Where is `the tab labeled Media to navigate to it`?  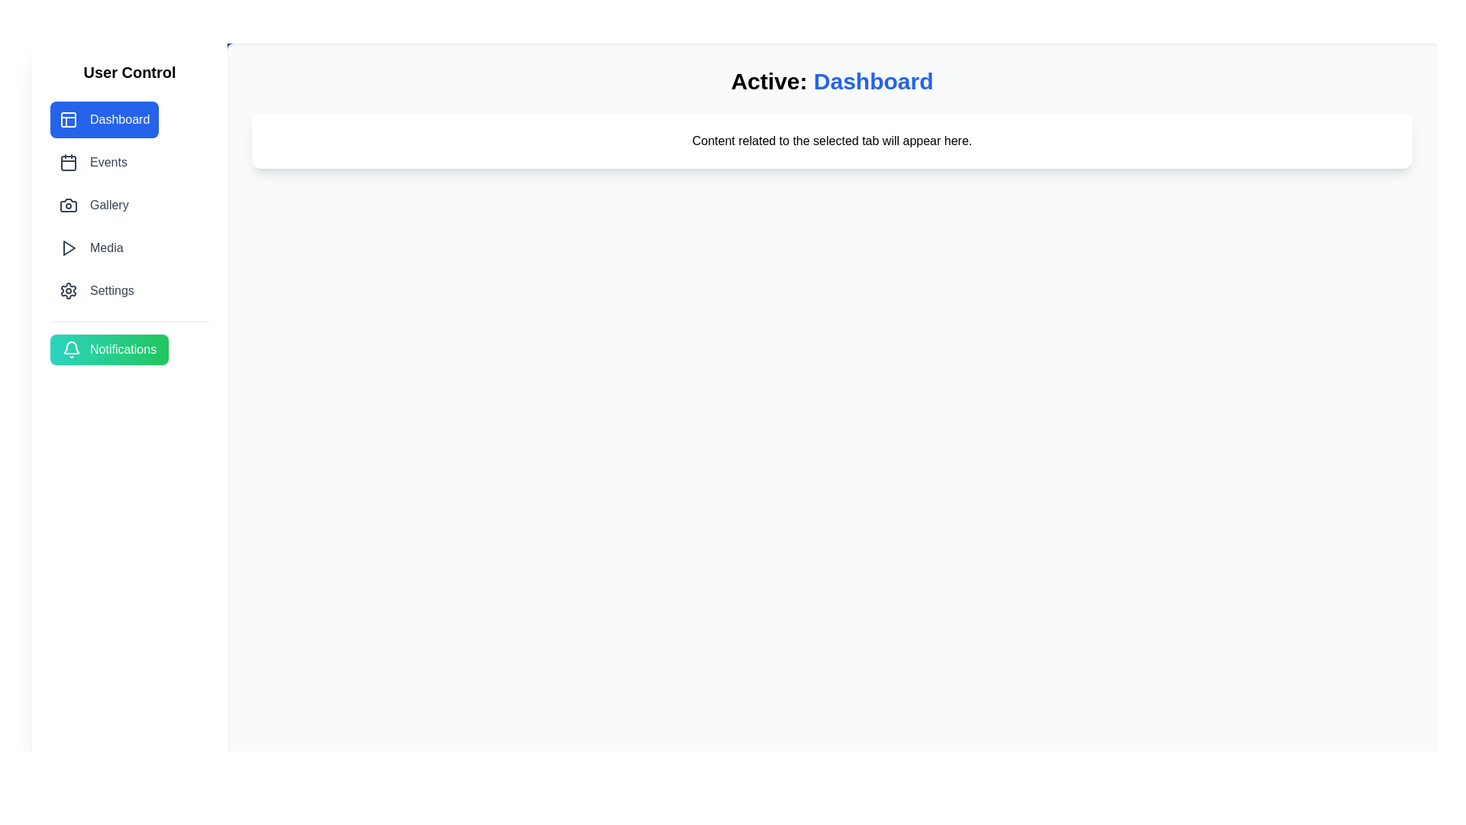 the tab labeled Media to navigate to it is located at coordinates (90, 247).